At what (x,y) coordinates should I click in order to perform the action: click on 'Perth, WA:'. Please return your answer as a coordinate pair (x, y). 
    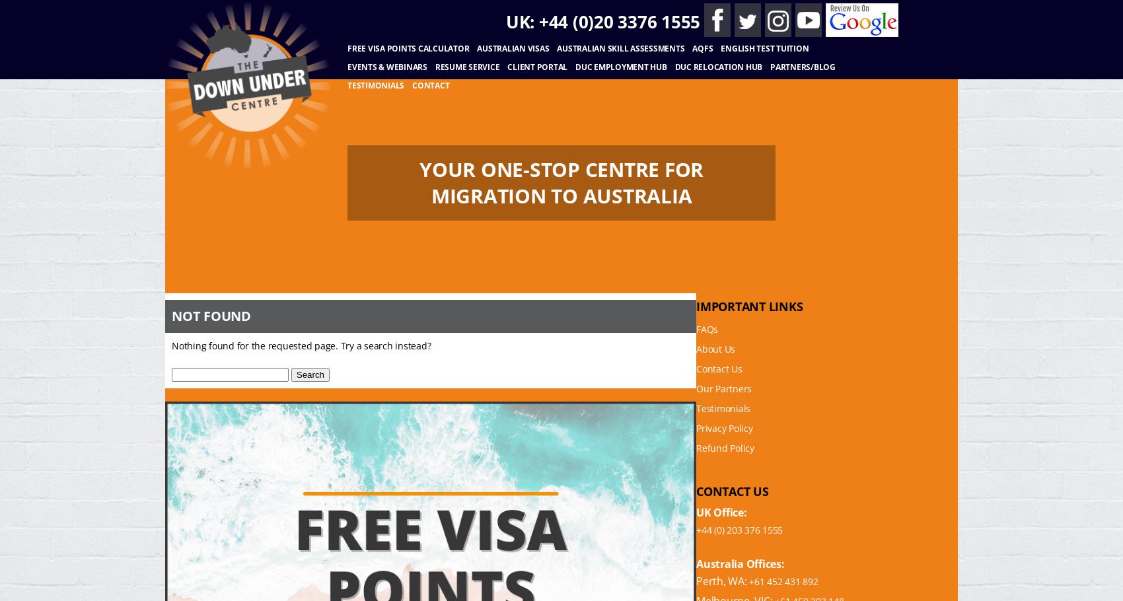
    Looking at the image, I should click on (722, 581).